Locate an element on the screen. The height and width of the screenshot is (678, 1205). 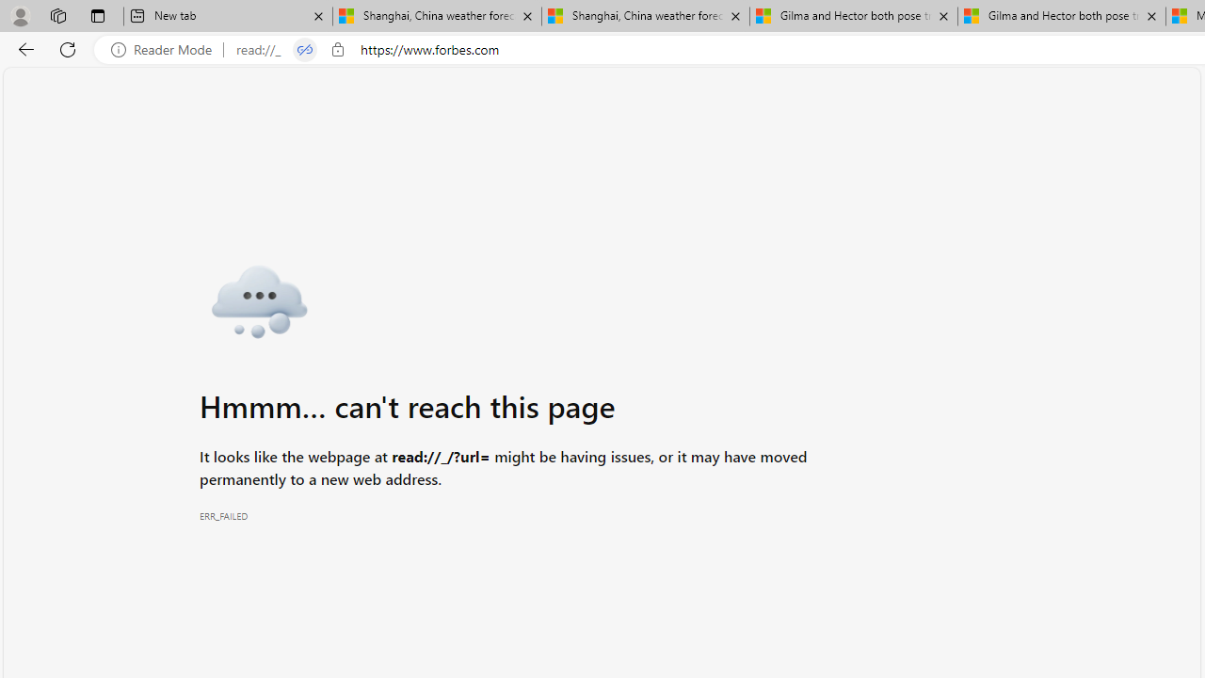
'Reader Mode' is located at coordinates (167, 49).